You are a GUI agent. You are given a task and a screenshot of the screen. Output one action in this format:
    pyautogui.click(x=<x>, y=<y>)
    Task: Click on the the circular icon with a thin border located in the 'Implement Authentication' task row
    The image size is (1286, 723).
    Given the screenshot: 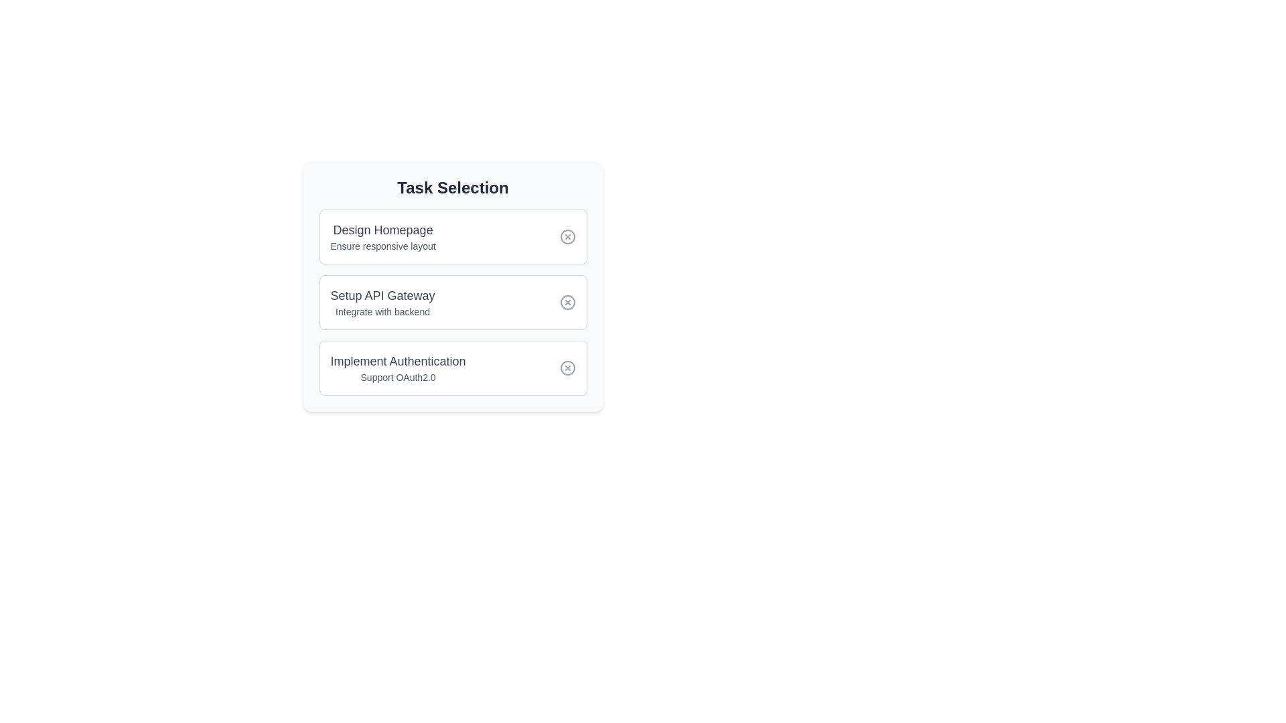 What is the action you would take?
    pyautogui.click(x=567, y=368)
    